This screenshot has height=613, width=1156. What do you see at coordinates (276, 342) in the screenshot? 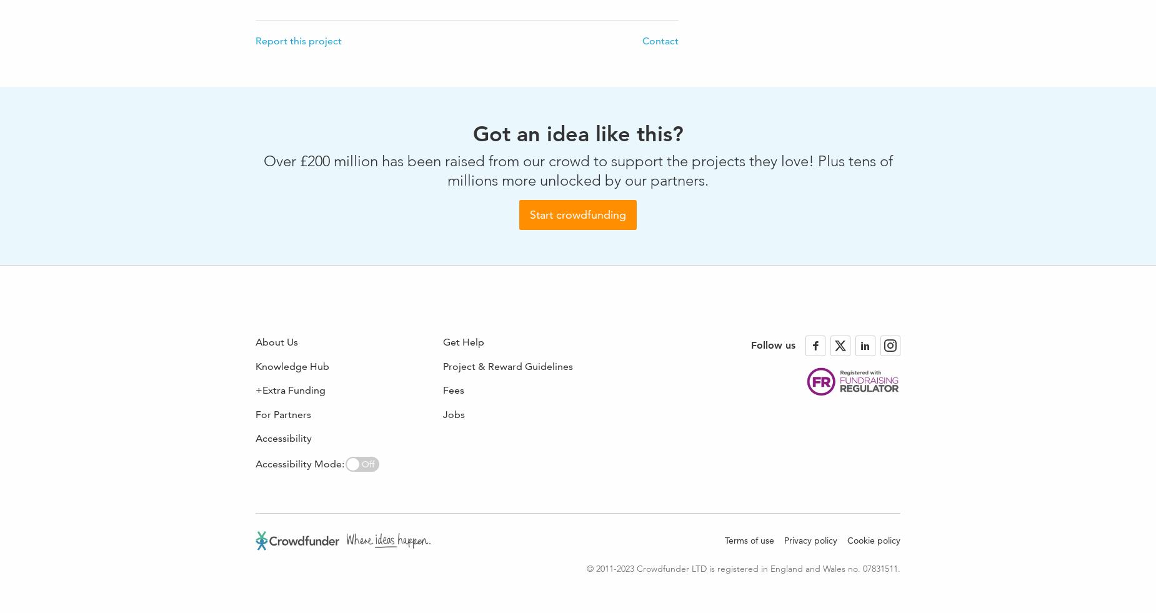
I see `'About Us'` at bounding box center [276, 342].